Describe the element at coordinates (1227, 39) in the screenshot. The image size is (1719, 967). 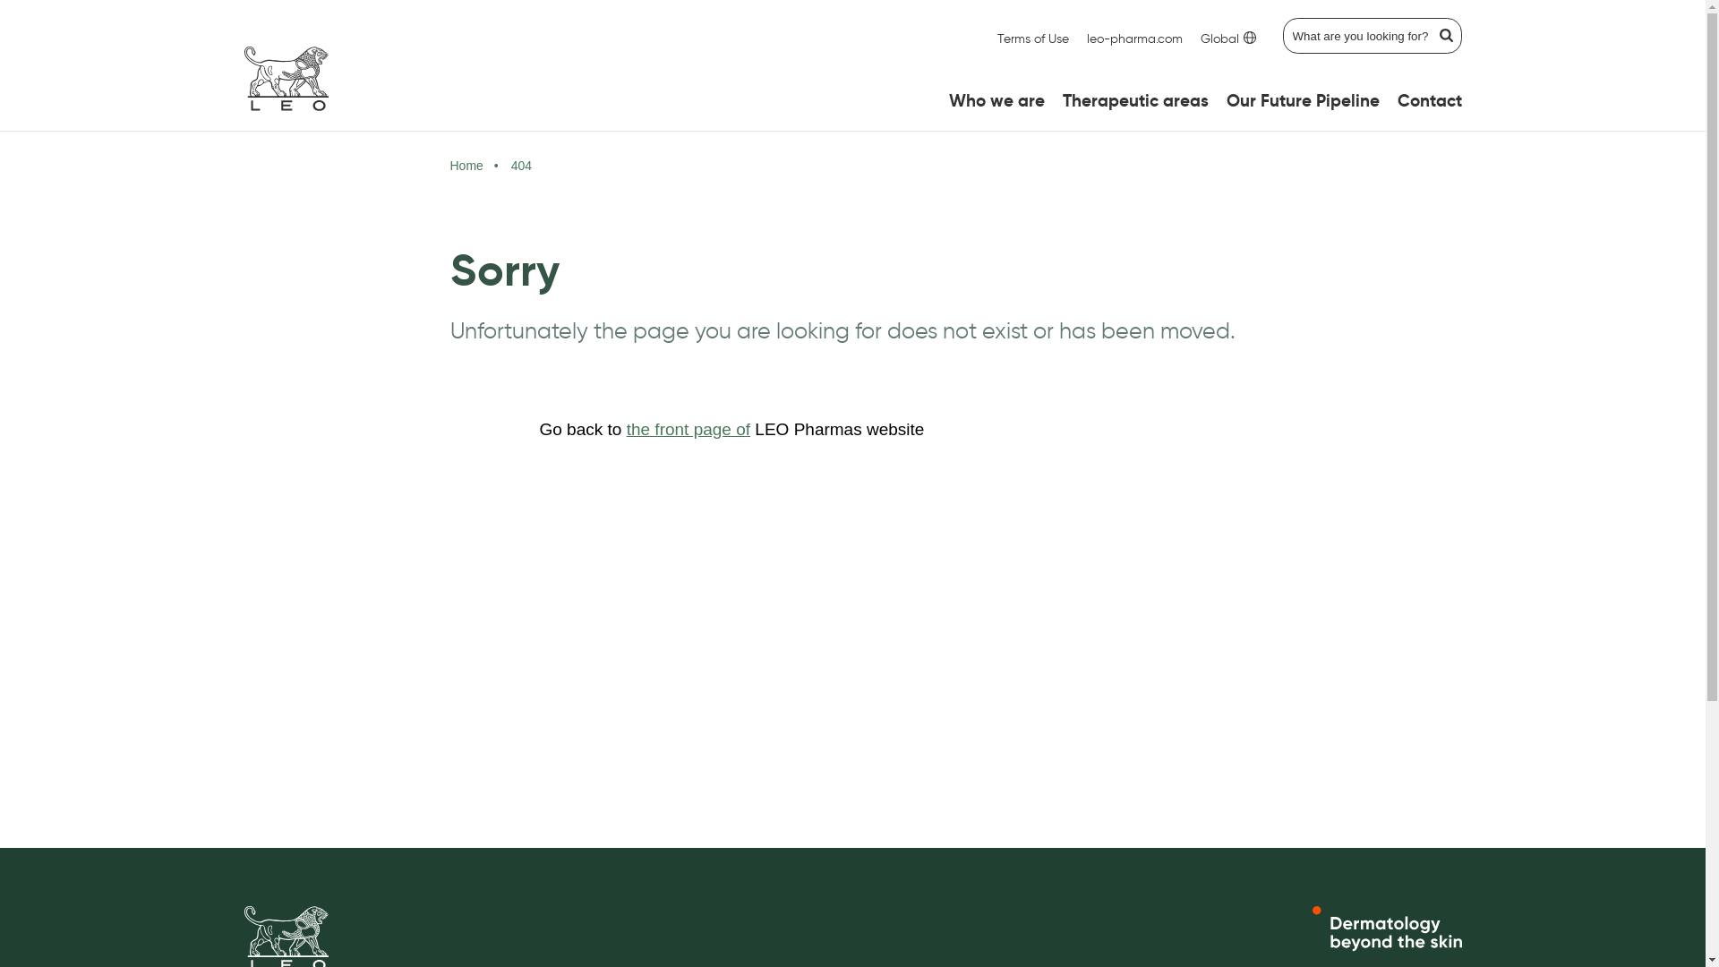
I see `'Global'` at that location.